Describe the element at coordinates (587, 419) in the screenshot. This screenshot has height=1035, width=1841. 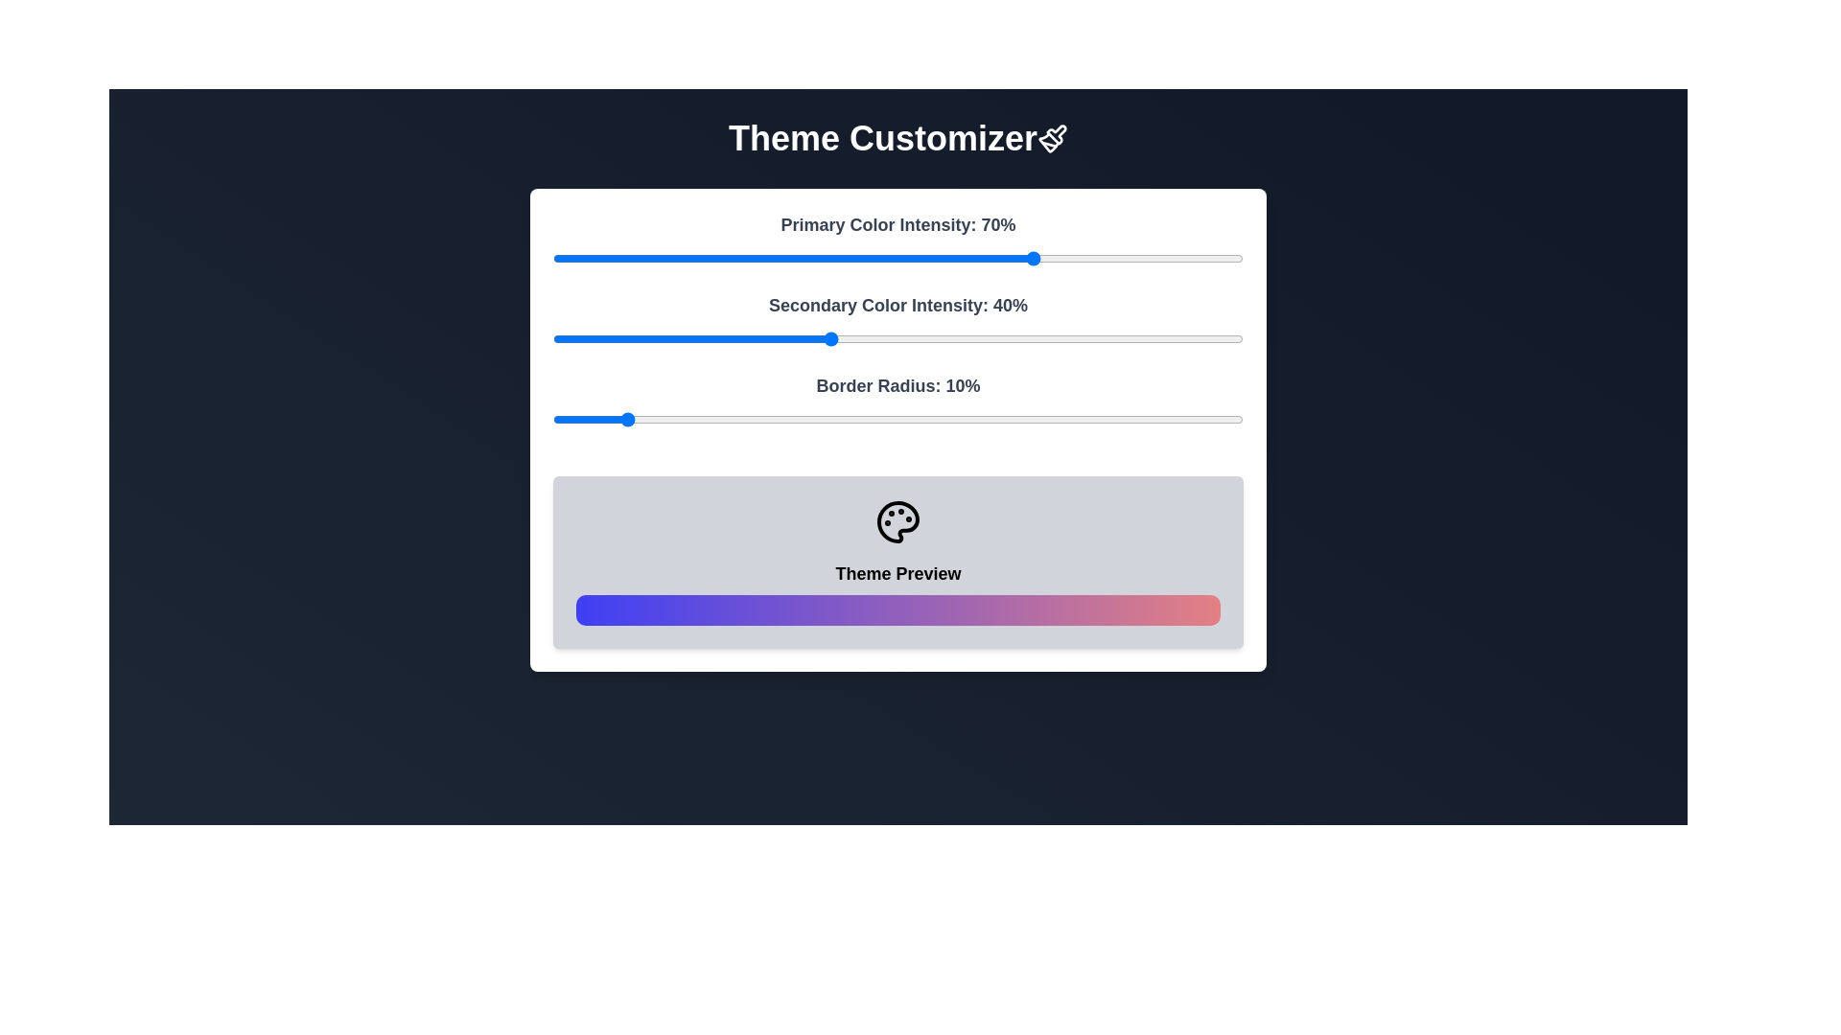
I see `the Border Radius slider to 5%` at that location.